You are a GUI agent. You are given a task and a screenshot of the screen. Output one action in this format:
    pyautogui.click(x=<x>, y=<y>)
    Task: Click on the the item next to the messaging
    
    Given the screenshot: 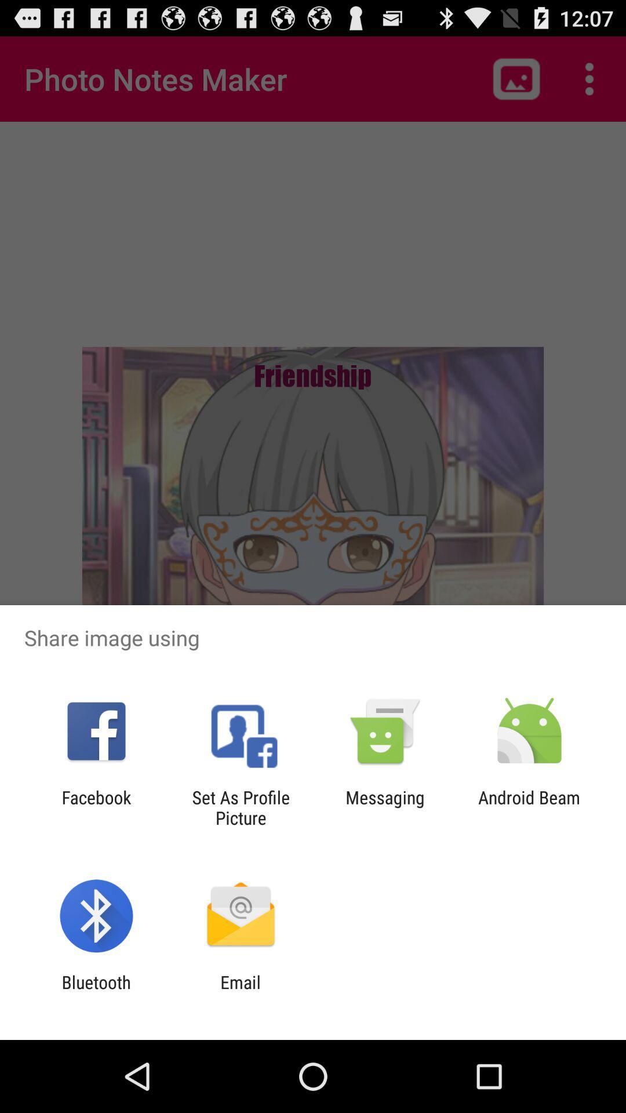 What is the action you would take?
    pyautogui.click(x=240, y=807)
    